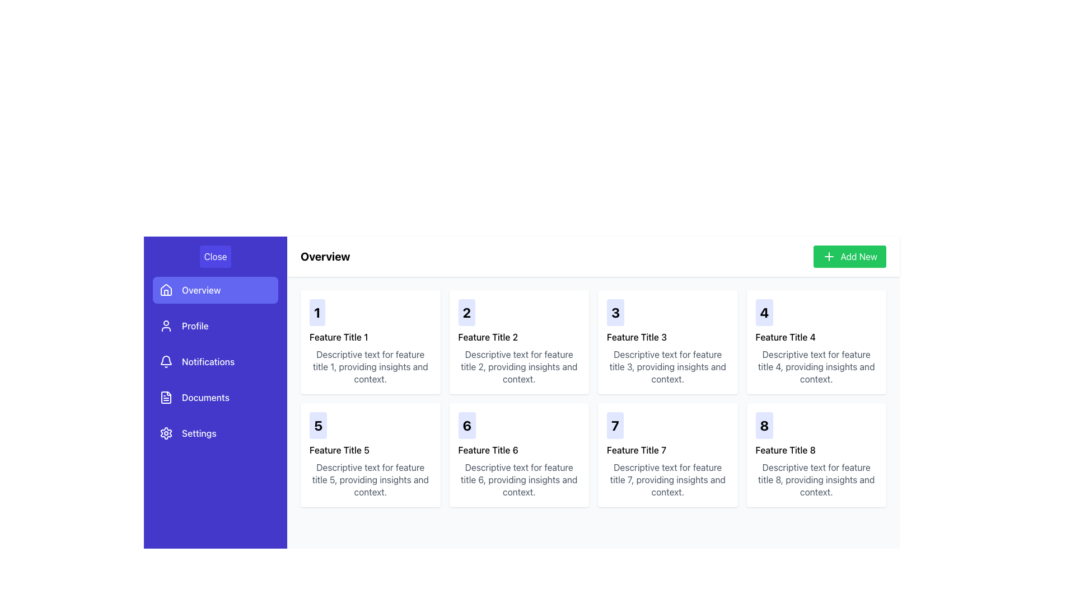  What do you see at coordinates (850, 257) in the screenshot?
I see `the green 'Add New' button located in the top-right corner of the 'Overview' header` at bounding box center [850, 257].